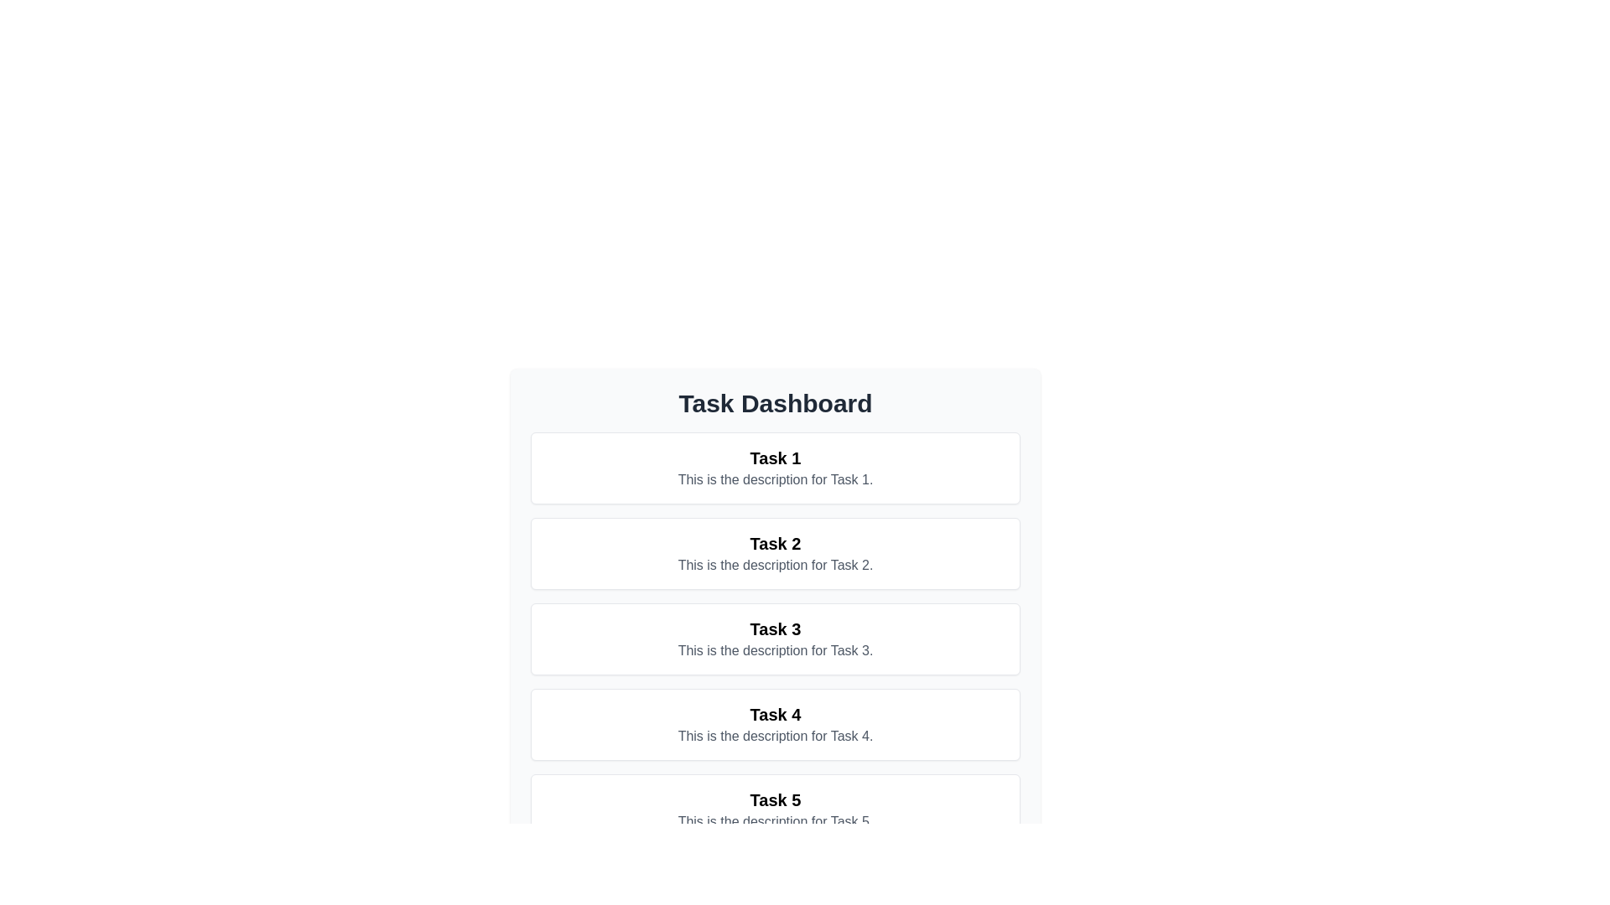 The height and width of the screenshot is (905, 1610). Describe the element at coordinates (775, 629) in the screenshot. I see `the text label displaying the title 'Task 3' located at the top of the third task card in a vertical list of task cards` at that location.